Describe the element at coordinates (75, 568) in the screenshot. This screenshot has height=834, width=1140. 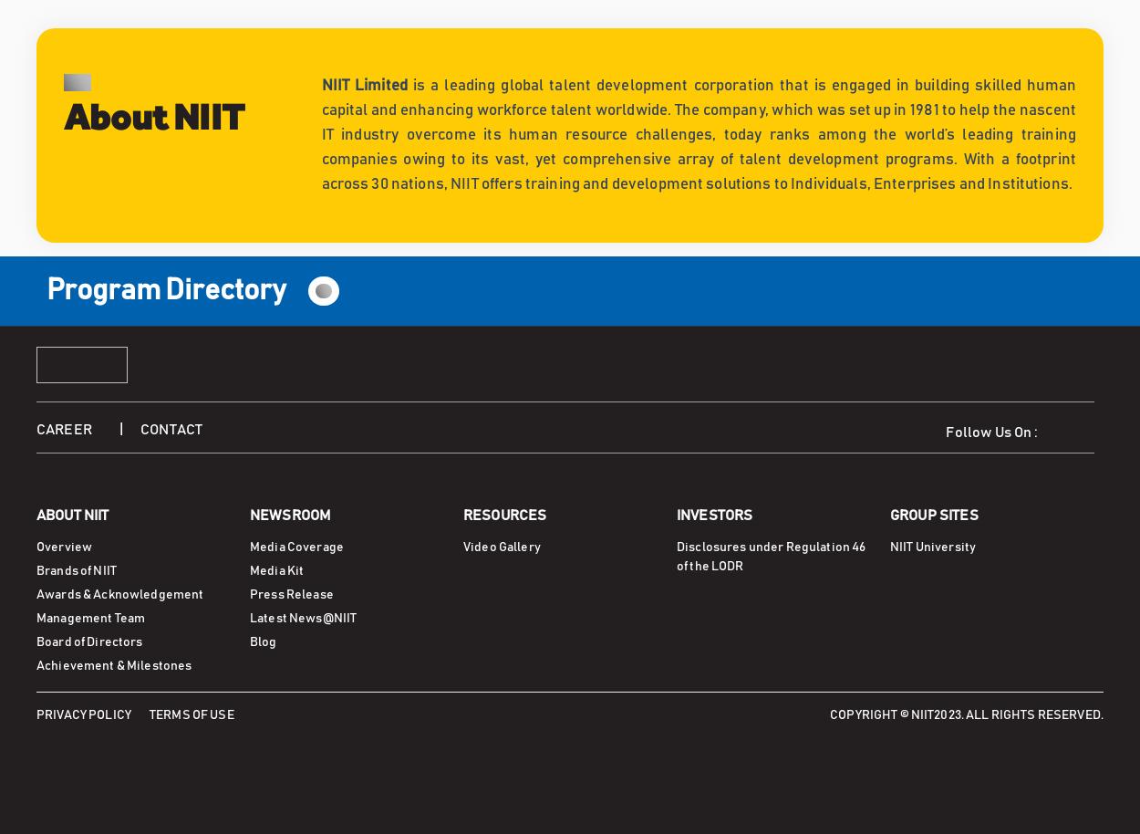
I see `'Brands of NIIT'` at that location.